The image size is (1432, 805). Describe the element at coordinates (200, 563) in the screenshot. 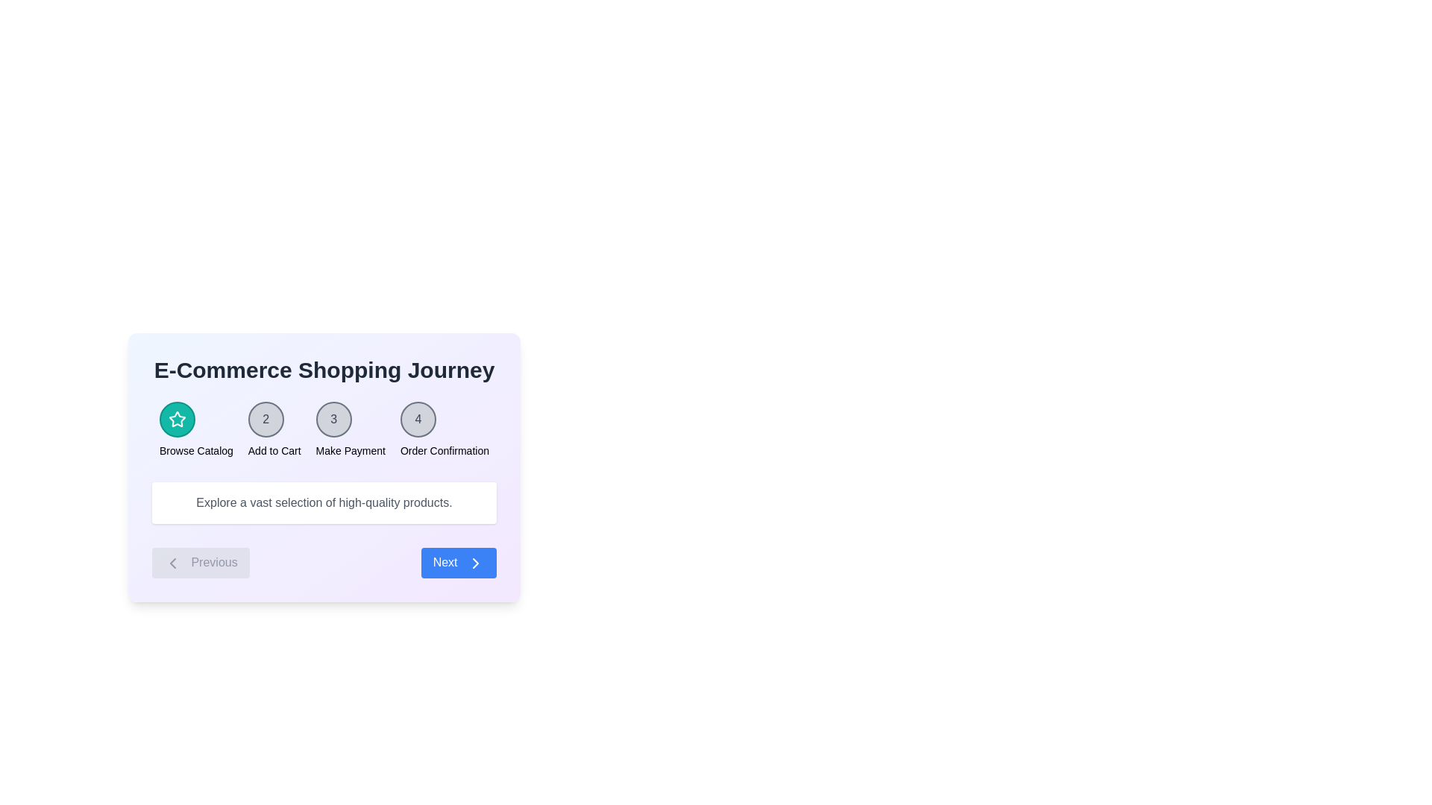

I see `the 'Previous' button with a light gray background and rounded corners` at that location.